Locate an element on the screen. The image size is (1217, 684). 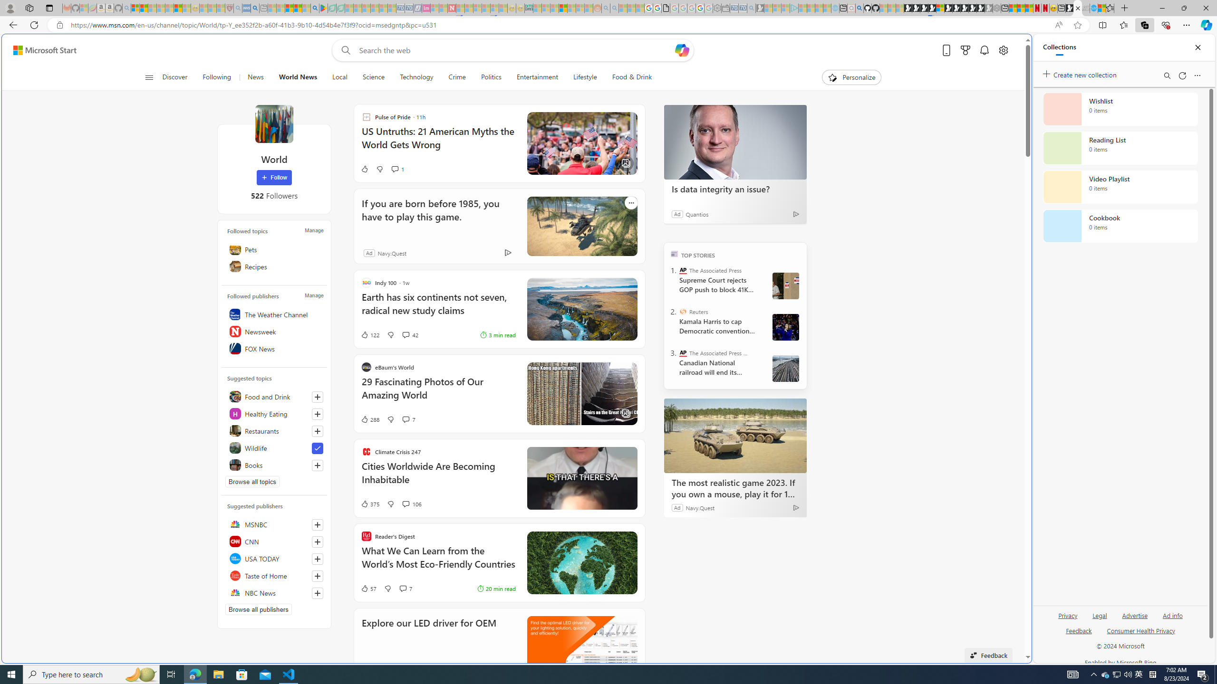
'World' is located at coordinates (274, 123).